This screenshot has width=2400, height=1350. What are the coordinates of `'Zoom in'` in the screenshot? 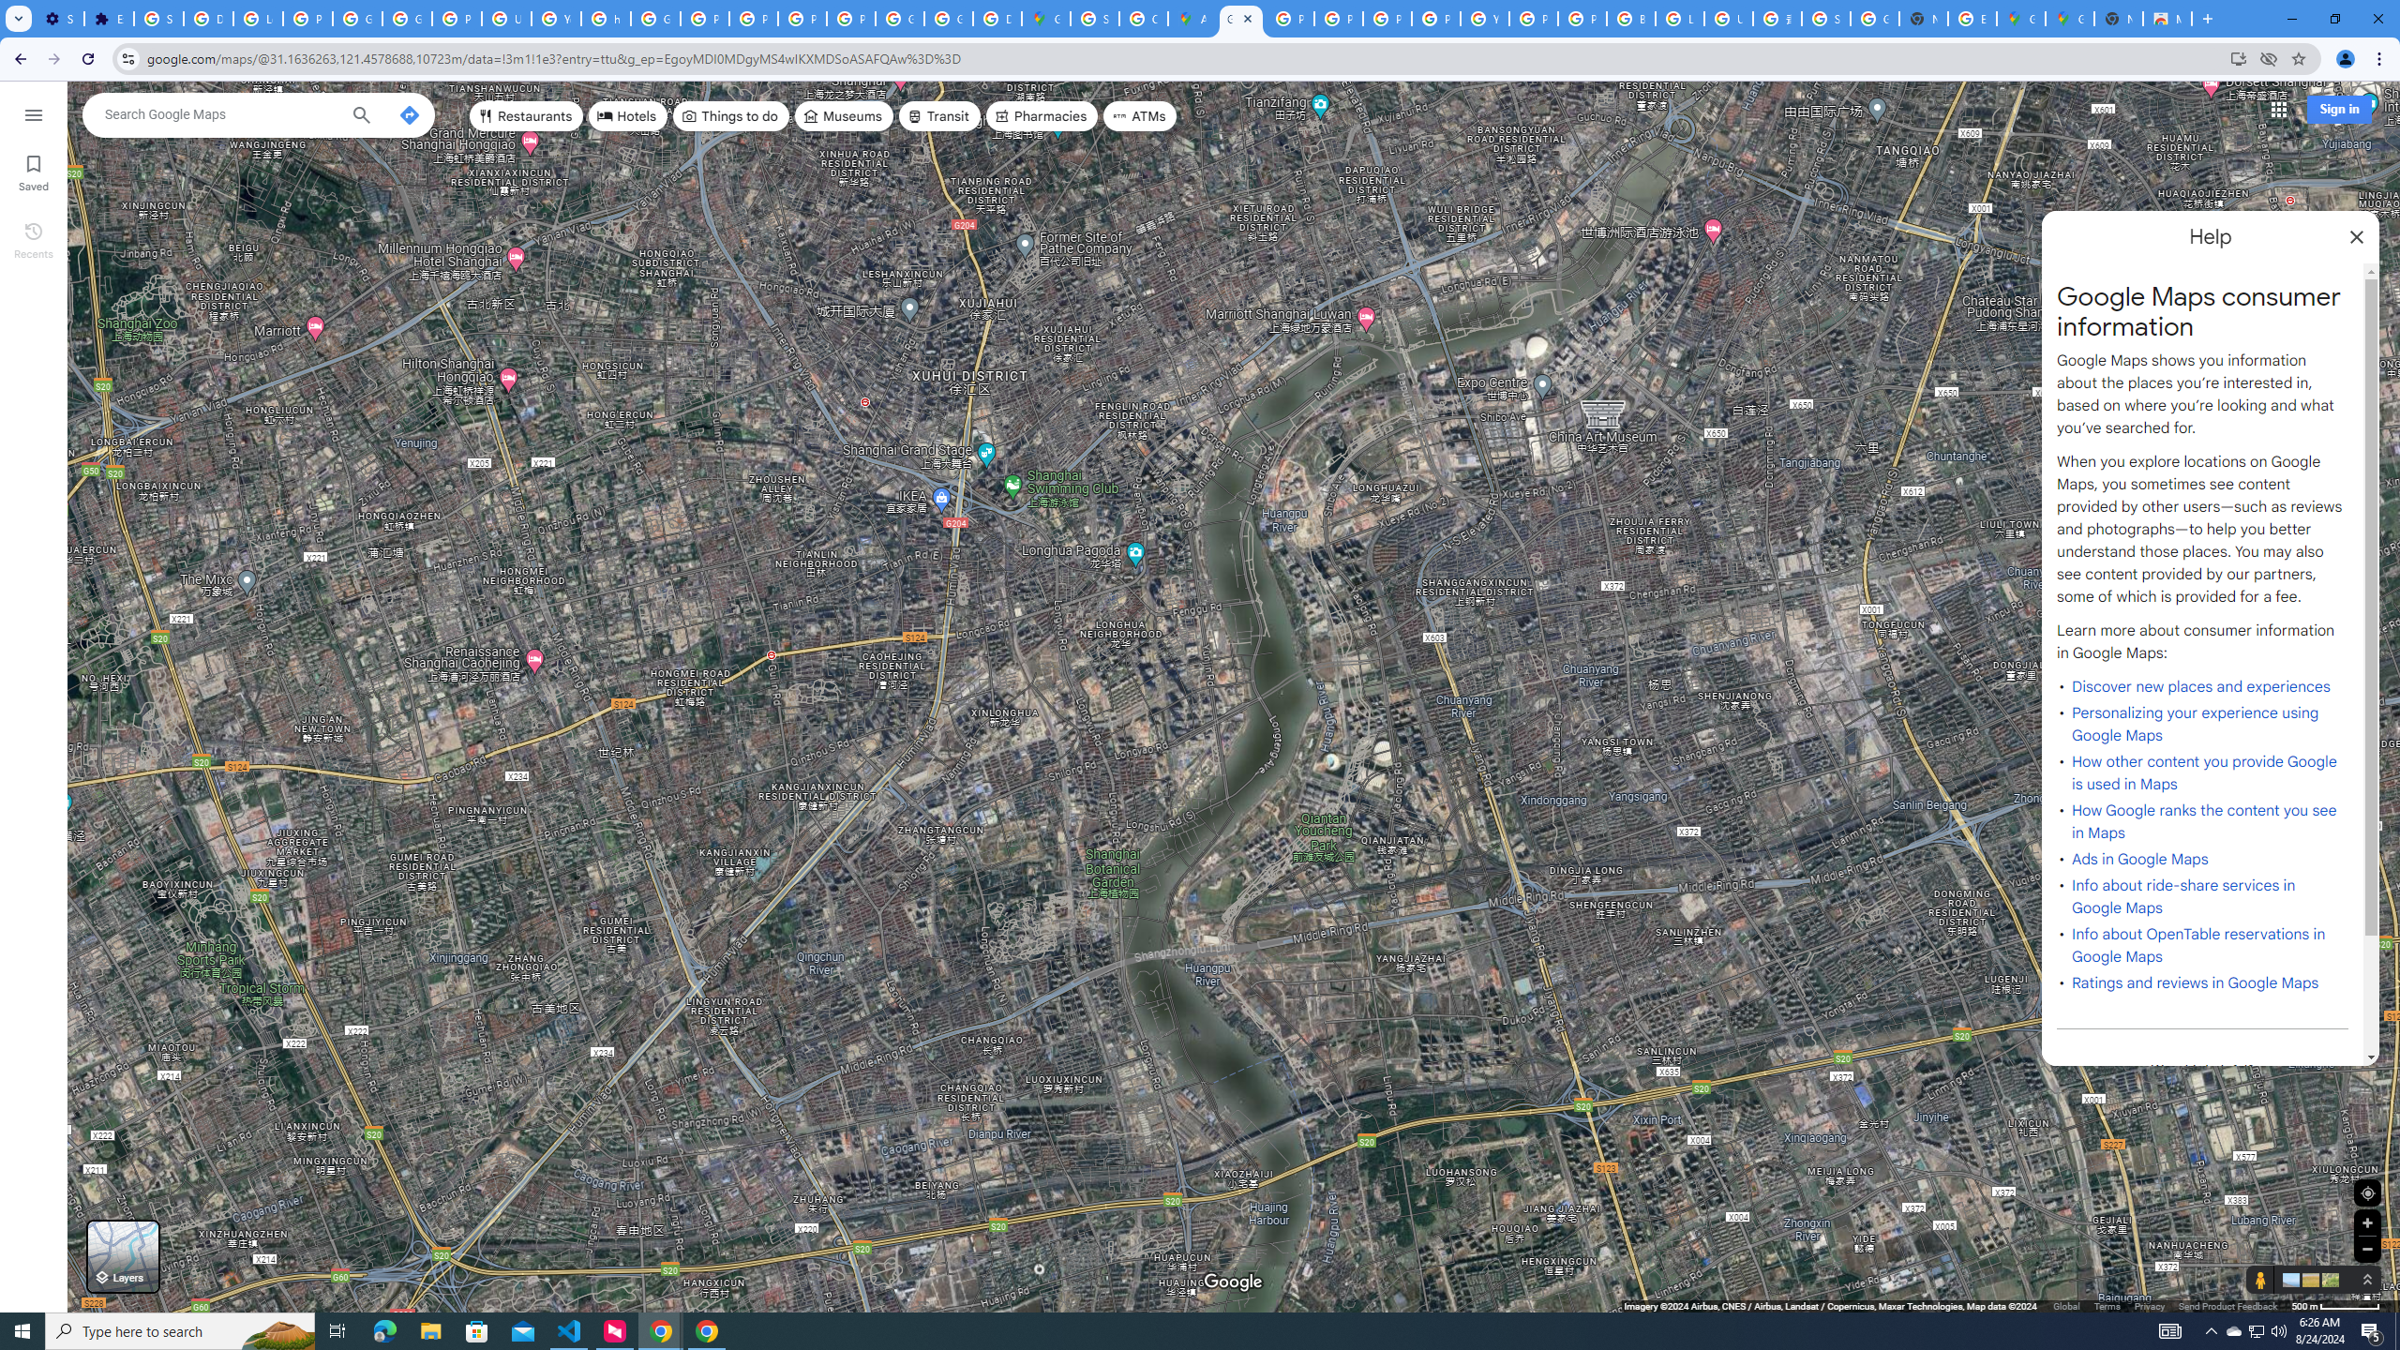 It's located at (2366, 1222).